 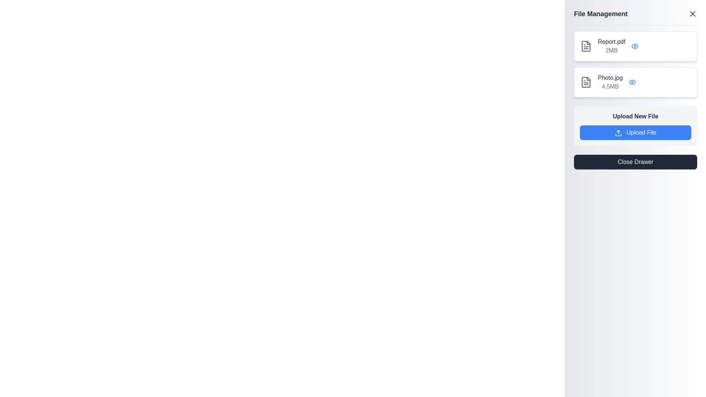 I want to click on the document-type file icon representing 'Report.pdf', which is positioned to the left of the text displaying the file name and size, so click(x=585, y=46).